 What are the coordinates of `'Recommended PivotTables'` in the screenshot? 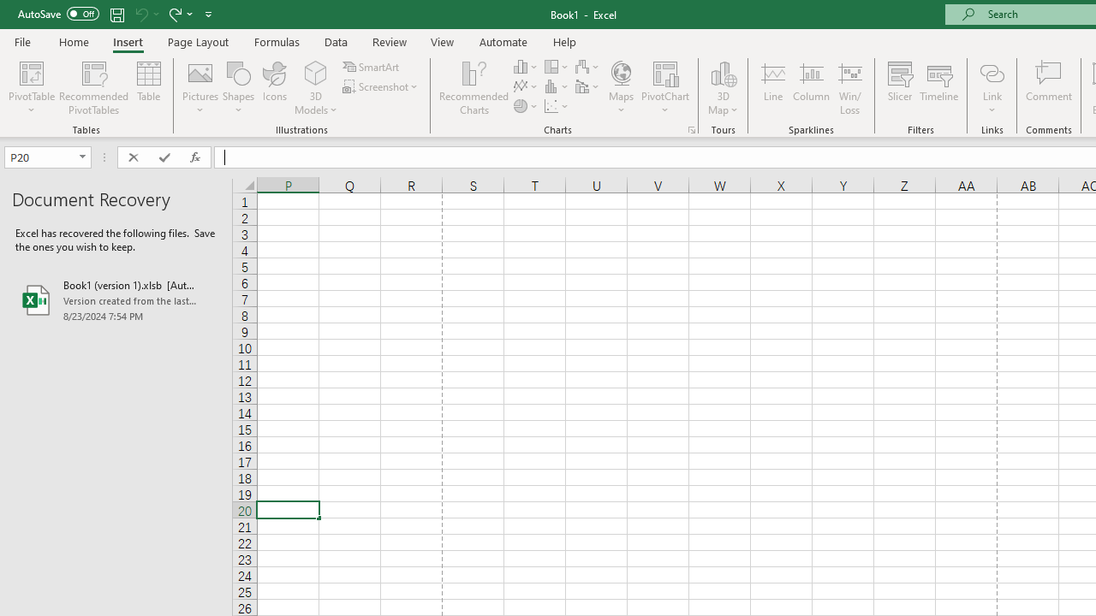 It's located at (93, 88).